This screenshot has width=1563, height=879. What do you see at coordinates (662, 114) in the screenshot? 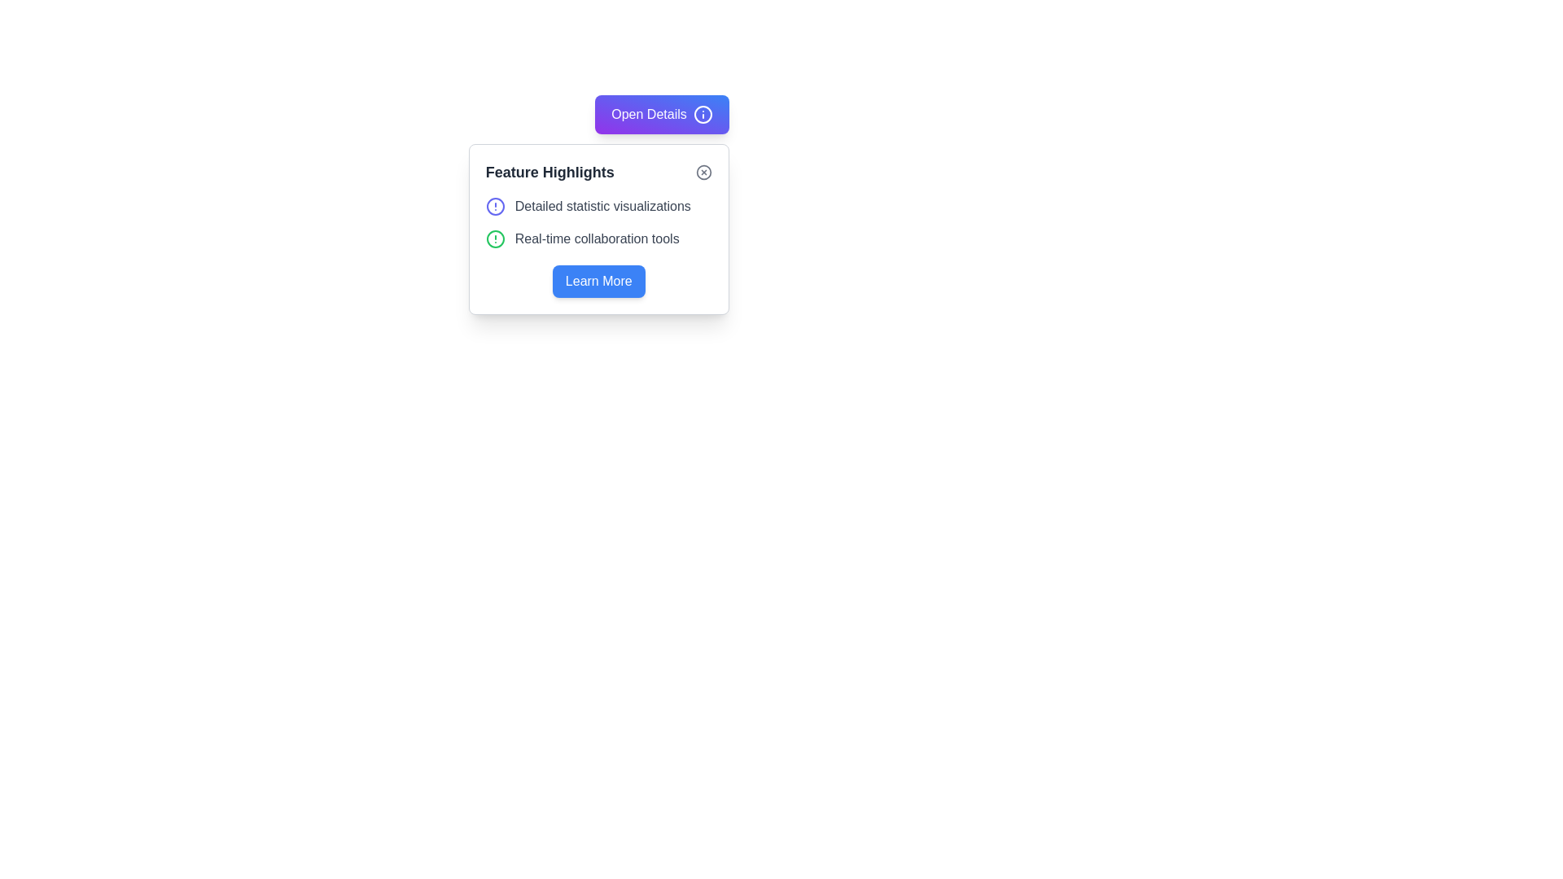
I see `the 'Open Details' button by tabbing to it for keyboard navigation` at bounding box center [662, 114].